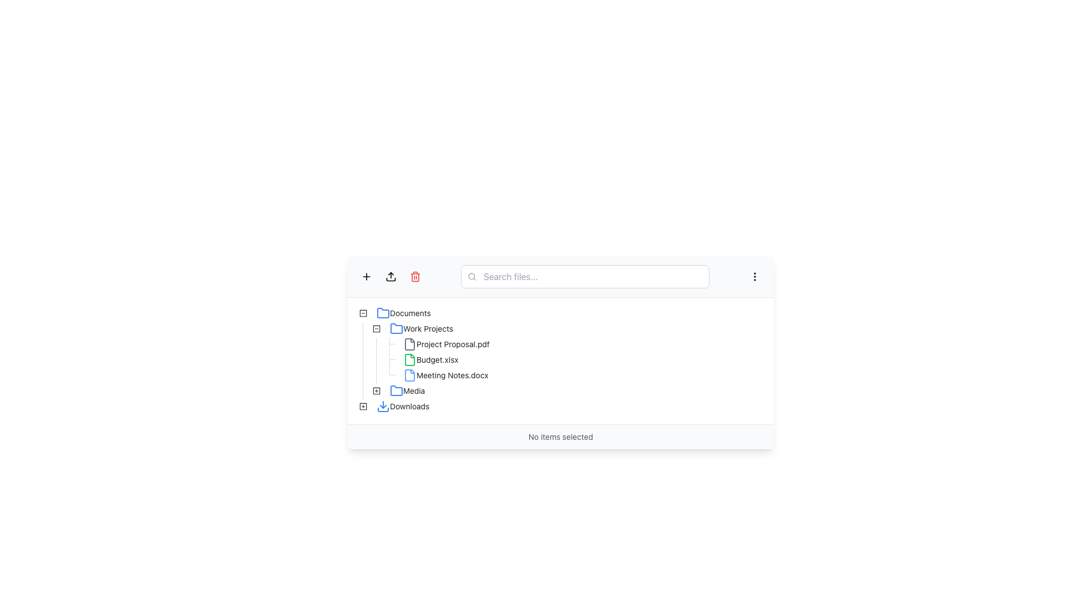  What do you see at coordinates (363, 406) in the screenshot?
I see `the '+' button located next to the 'Downloads' label` at bounding box center [363, 406].